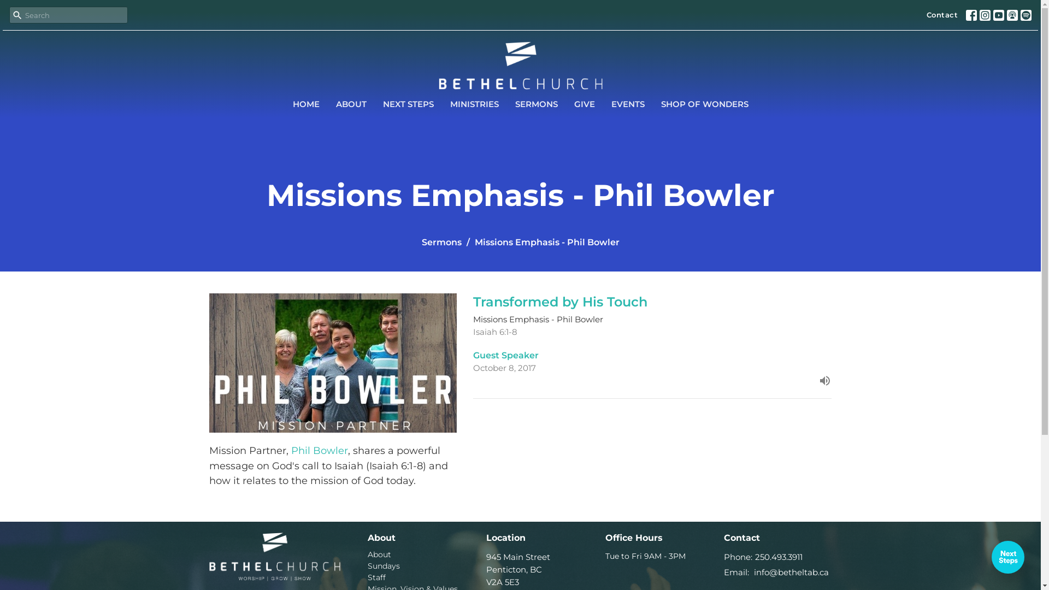  Describe the element at coordinates (778, 557) in the screenshot. I see `'250.493.3911'` at that location.